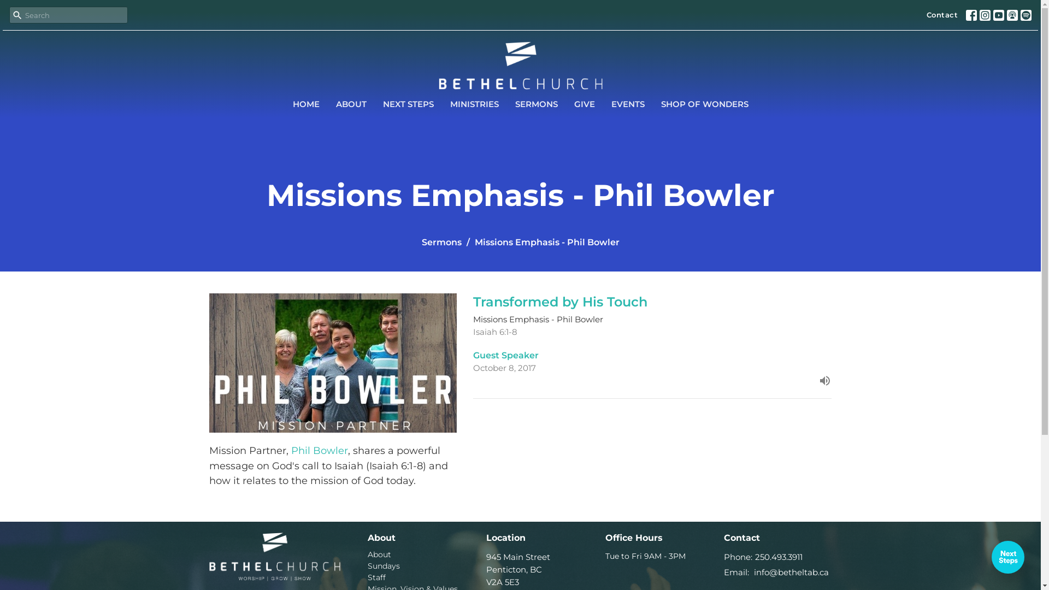  Describe the element at coordinates (778, 557) in the screenshot. I see `'250.493.3911'` at that location.